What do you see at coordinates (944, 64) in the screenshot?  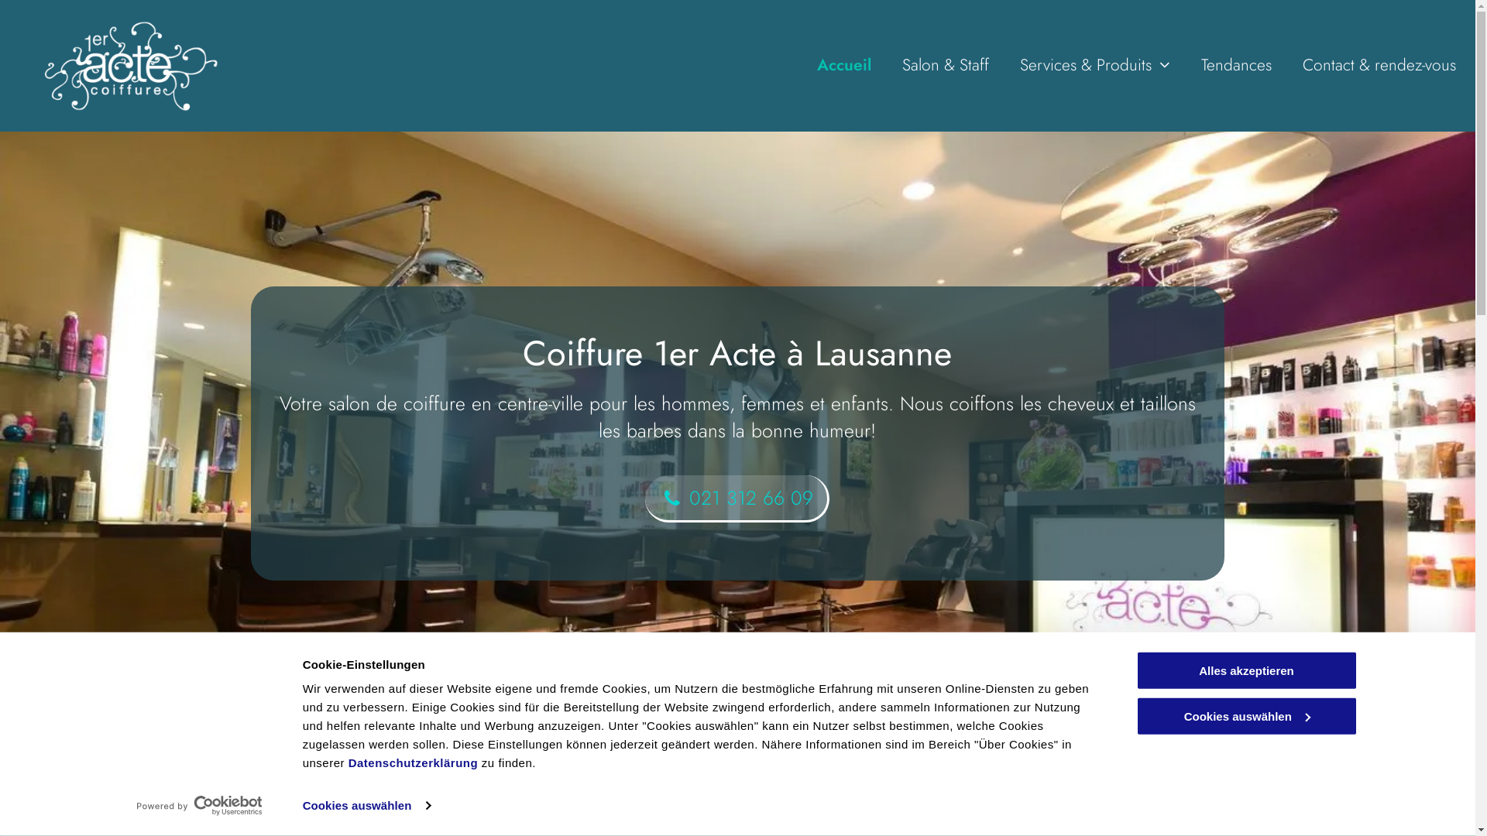 I see `'Salon & Staff'` at bounding box center [944, 64].